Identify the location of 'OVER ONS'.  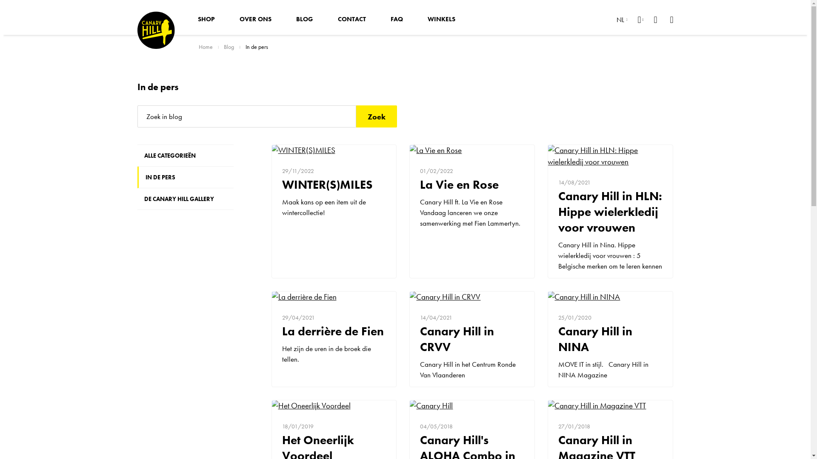
(228, 19).